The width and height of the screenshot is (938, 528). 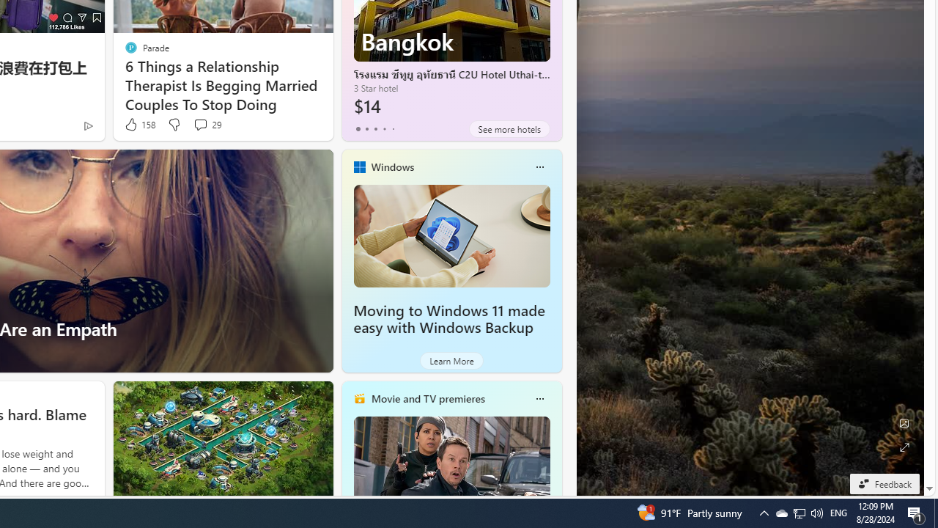 What do you see at coordinates (451, 235) in the screenshot?
I see `'Moving to Windows 11 made easy with Windows Backup'` at bounding box center [451, 235].